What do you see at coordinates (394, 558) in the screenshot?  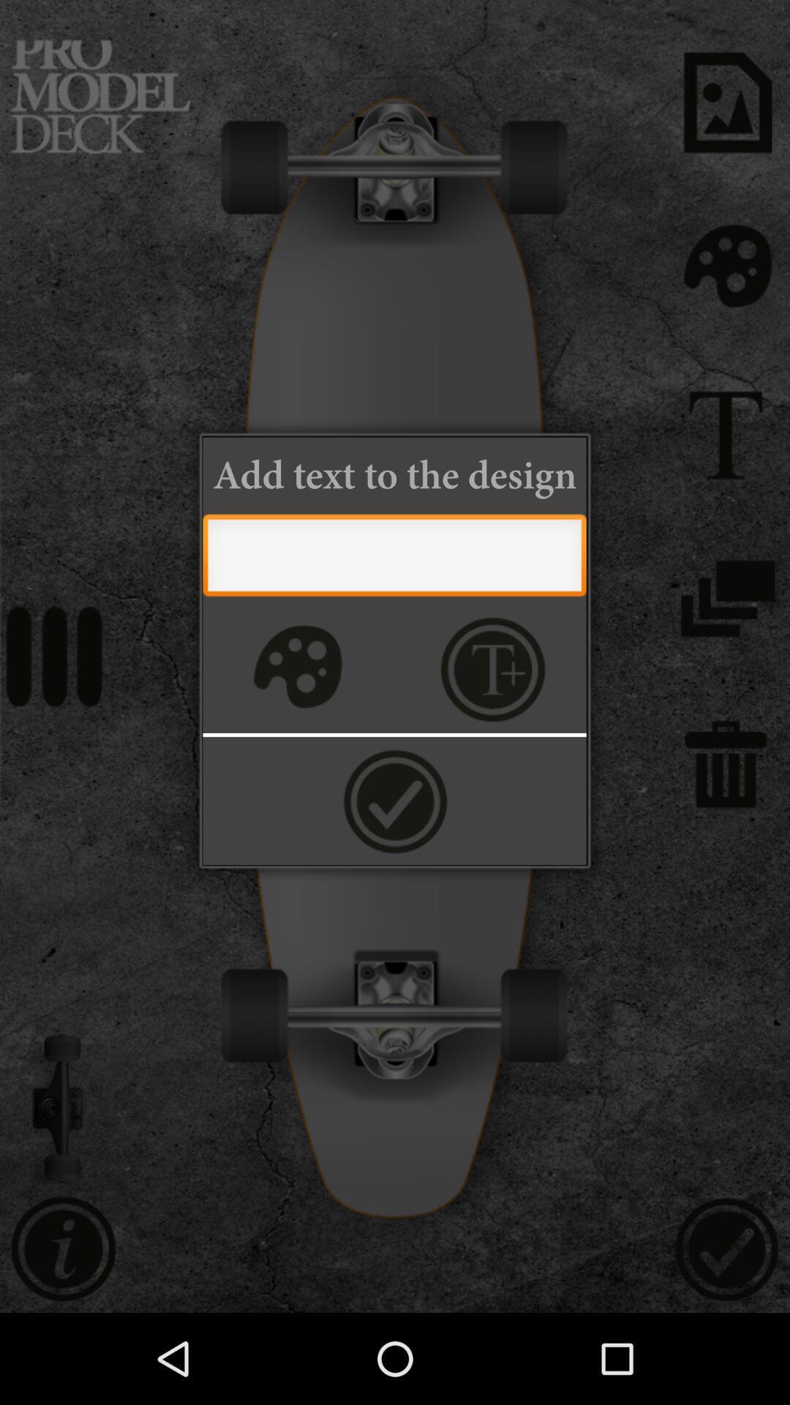 I see `text` at bounding box center [394, 558].